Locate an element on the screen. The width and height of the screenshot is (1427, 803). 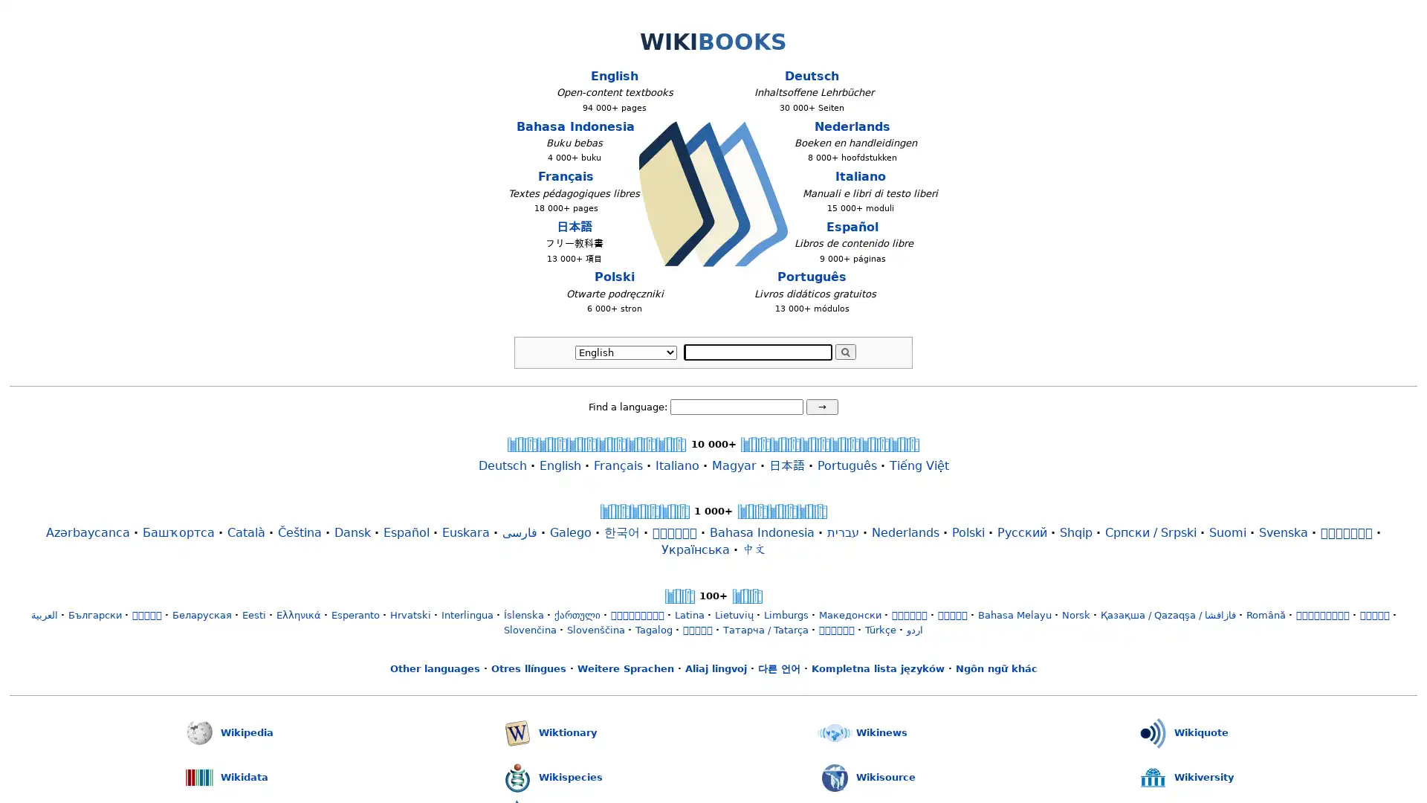
Search is located at coordinates (845, 352).